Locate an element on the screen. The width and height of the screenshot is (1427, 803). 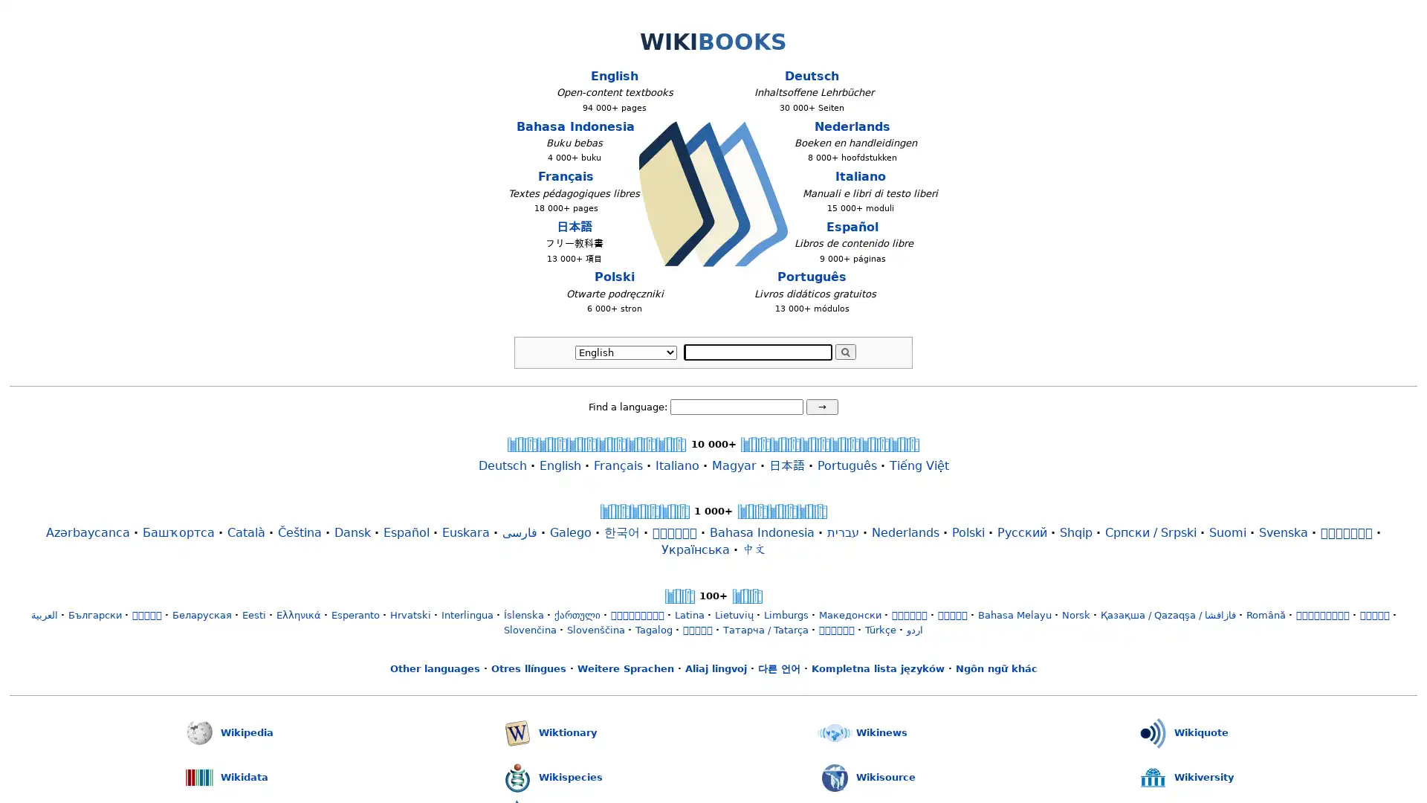
Search is located at coordinates (845, 352).